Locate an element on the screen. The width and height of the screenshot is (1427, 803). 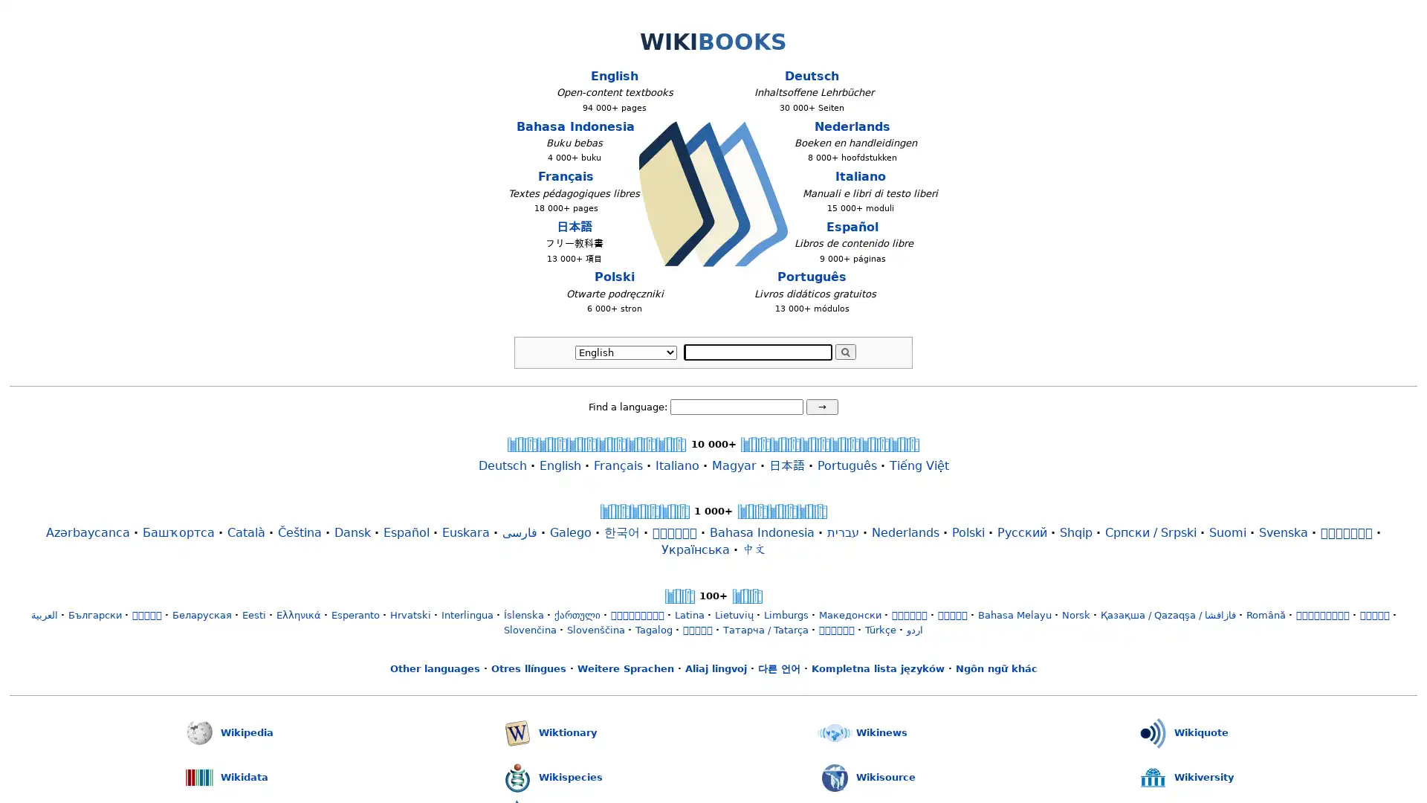
Search is located at coordinates (845, 352).